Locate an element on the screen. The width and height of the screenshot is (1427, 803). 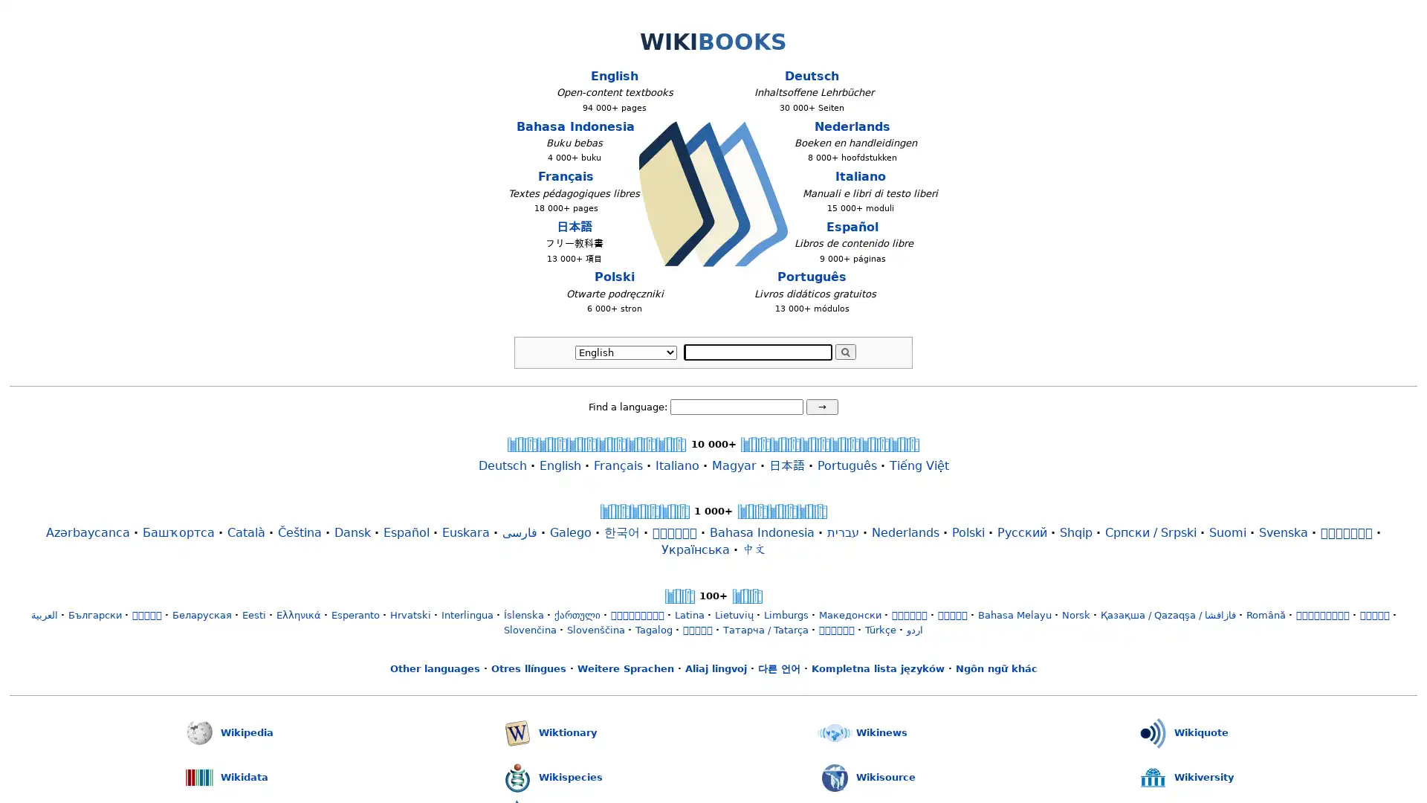
Search is located at coordinates (845, 352).